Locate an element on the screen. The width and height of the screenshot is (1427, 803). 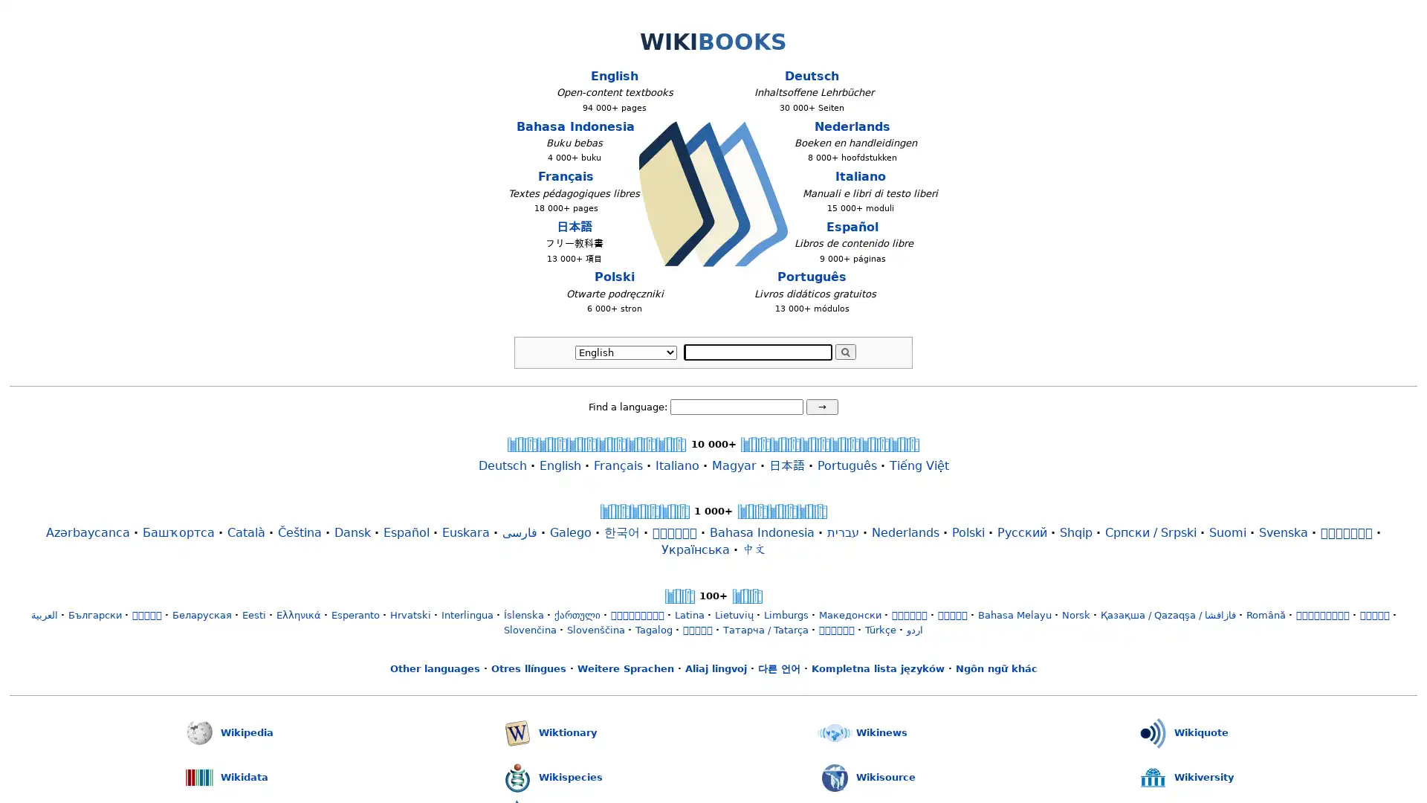
Search is located at coordinates (845, 352).